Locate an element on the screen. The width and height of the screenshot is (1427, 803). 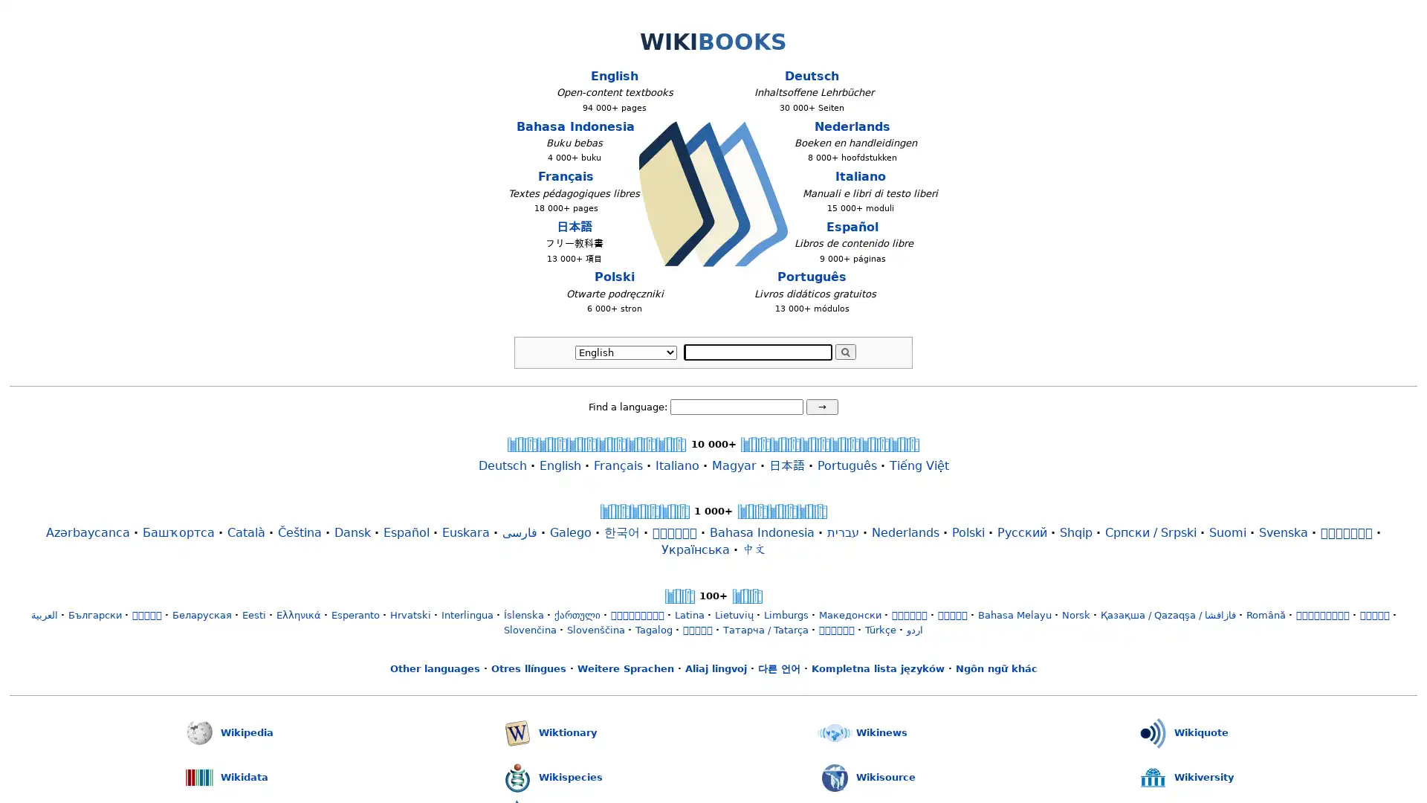
Search is located at coordinates (845, 352).